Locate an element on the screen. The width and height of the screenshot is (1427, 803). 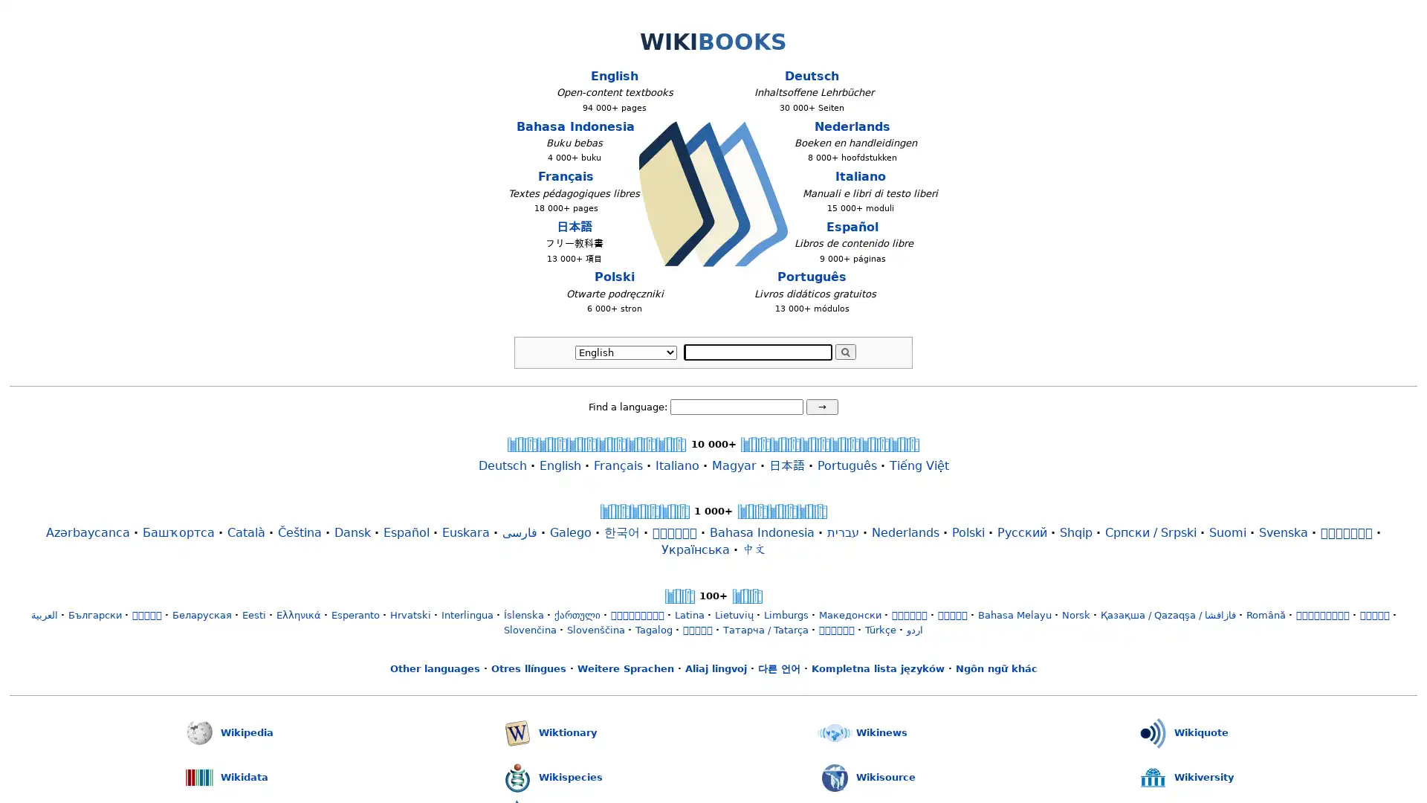
Search is located at coordinates (845, 352).